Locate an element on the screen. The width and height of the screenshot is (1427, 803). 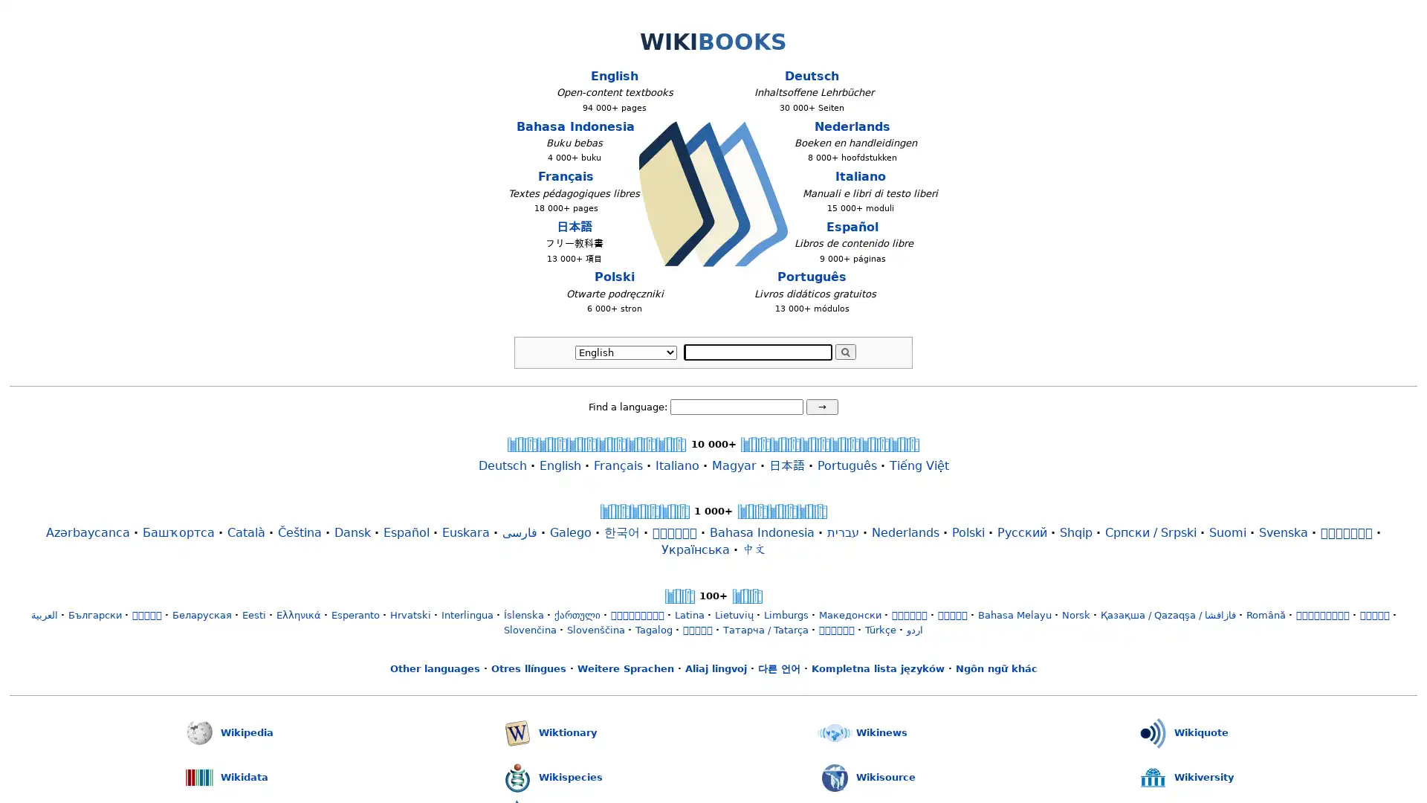
Search is located at coordinates (845, 352).